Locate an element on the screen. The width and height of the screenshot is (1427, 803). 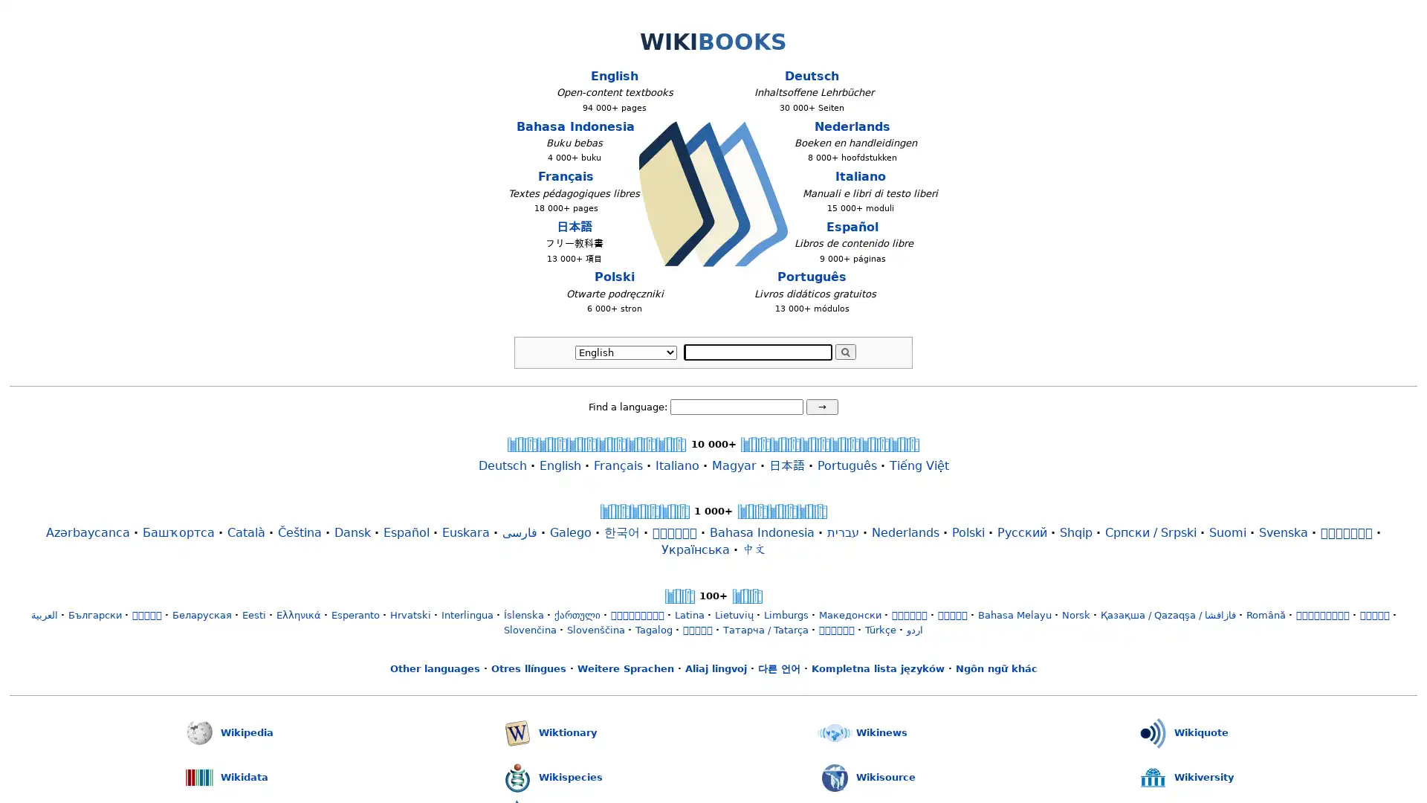
Search is located at coordinates (845, 352).